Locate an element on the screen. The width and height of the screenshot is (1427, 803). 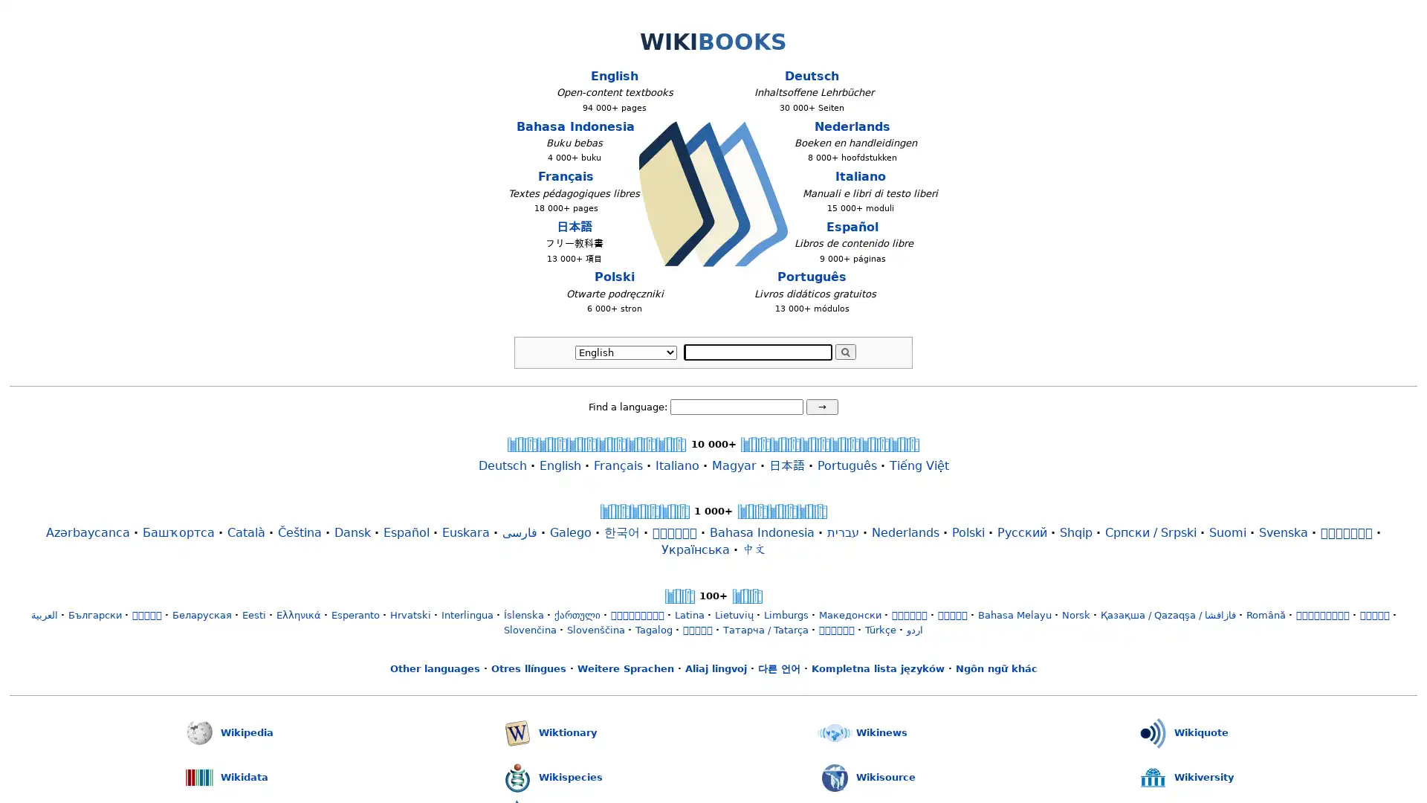
Search is located at coordinates (845, 352).